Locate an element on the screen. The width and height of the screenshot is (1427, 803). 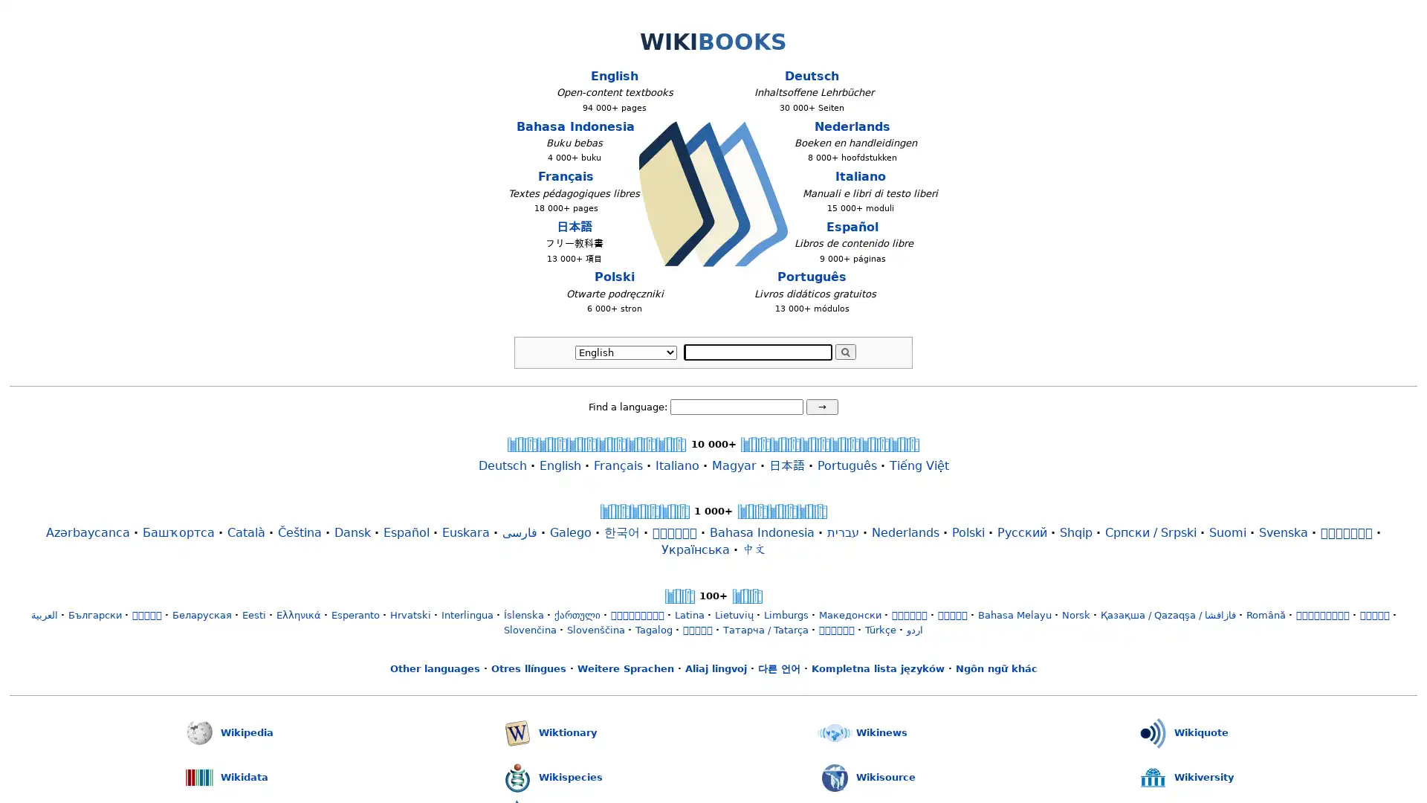
Search is located at coordinates (845, 352).